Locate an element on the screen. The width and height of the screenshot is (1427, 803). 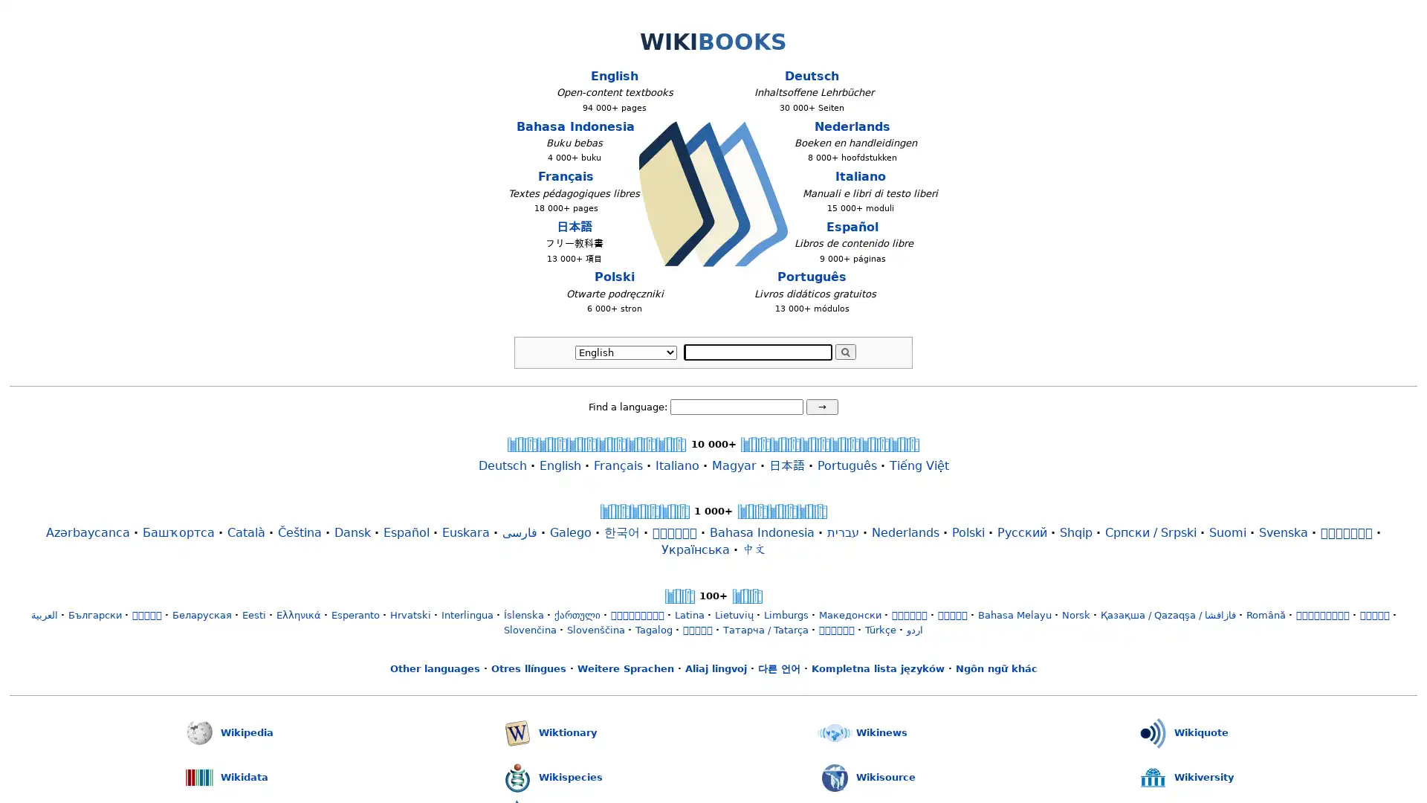
Search is located at coordinates (845, 352).